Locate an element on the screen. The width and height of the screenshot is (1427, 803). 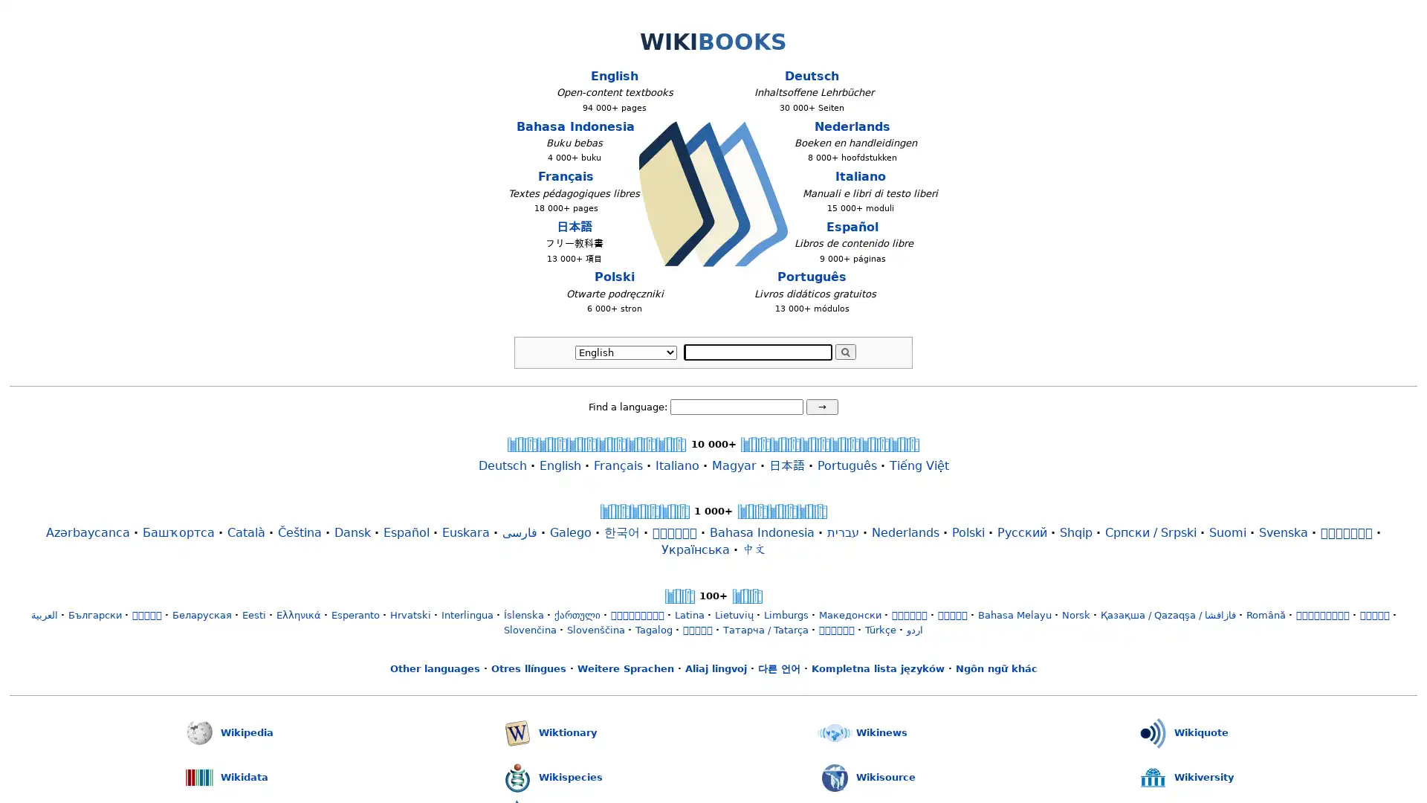
Search is located at coordinates (845, 352).